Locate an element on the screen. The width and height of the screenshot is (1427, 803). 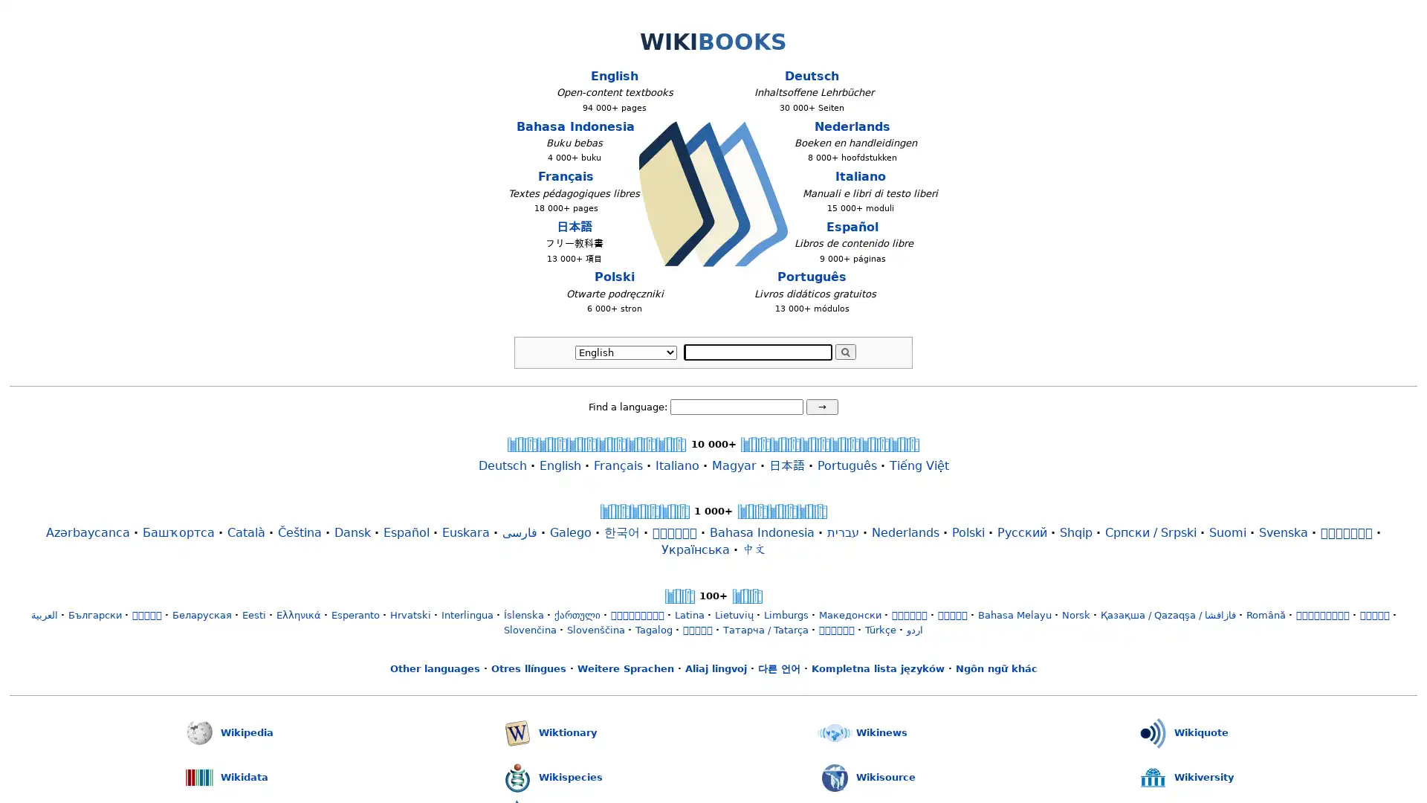
Search is located at coordinates (845, 352).